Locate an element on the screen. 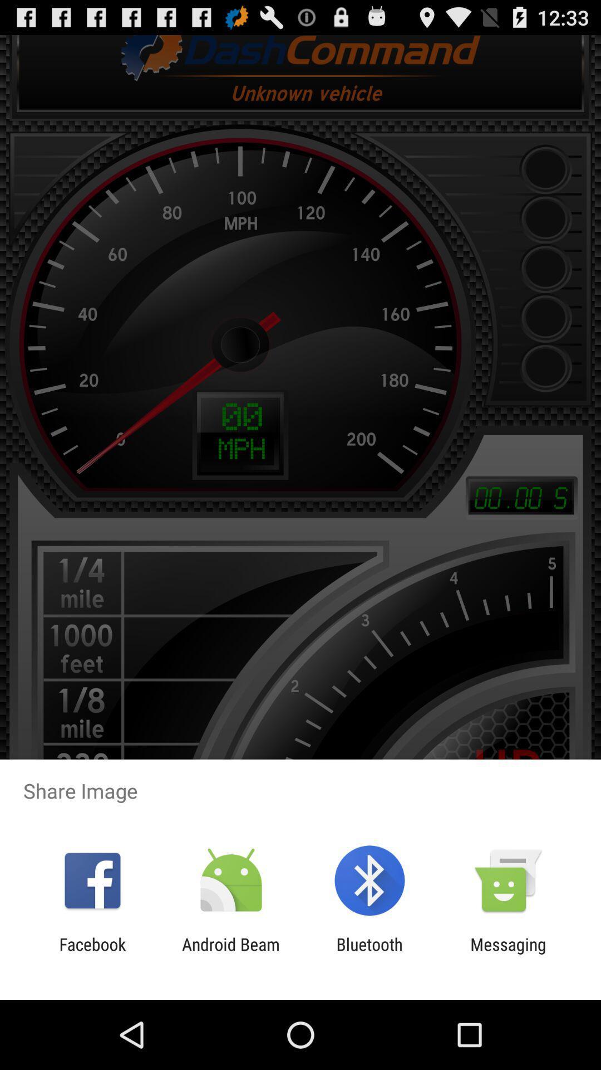 Image resolution: width=601 pixels, height=1070 pixels. app to the left of messaging is located at coordinates (370, 954).